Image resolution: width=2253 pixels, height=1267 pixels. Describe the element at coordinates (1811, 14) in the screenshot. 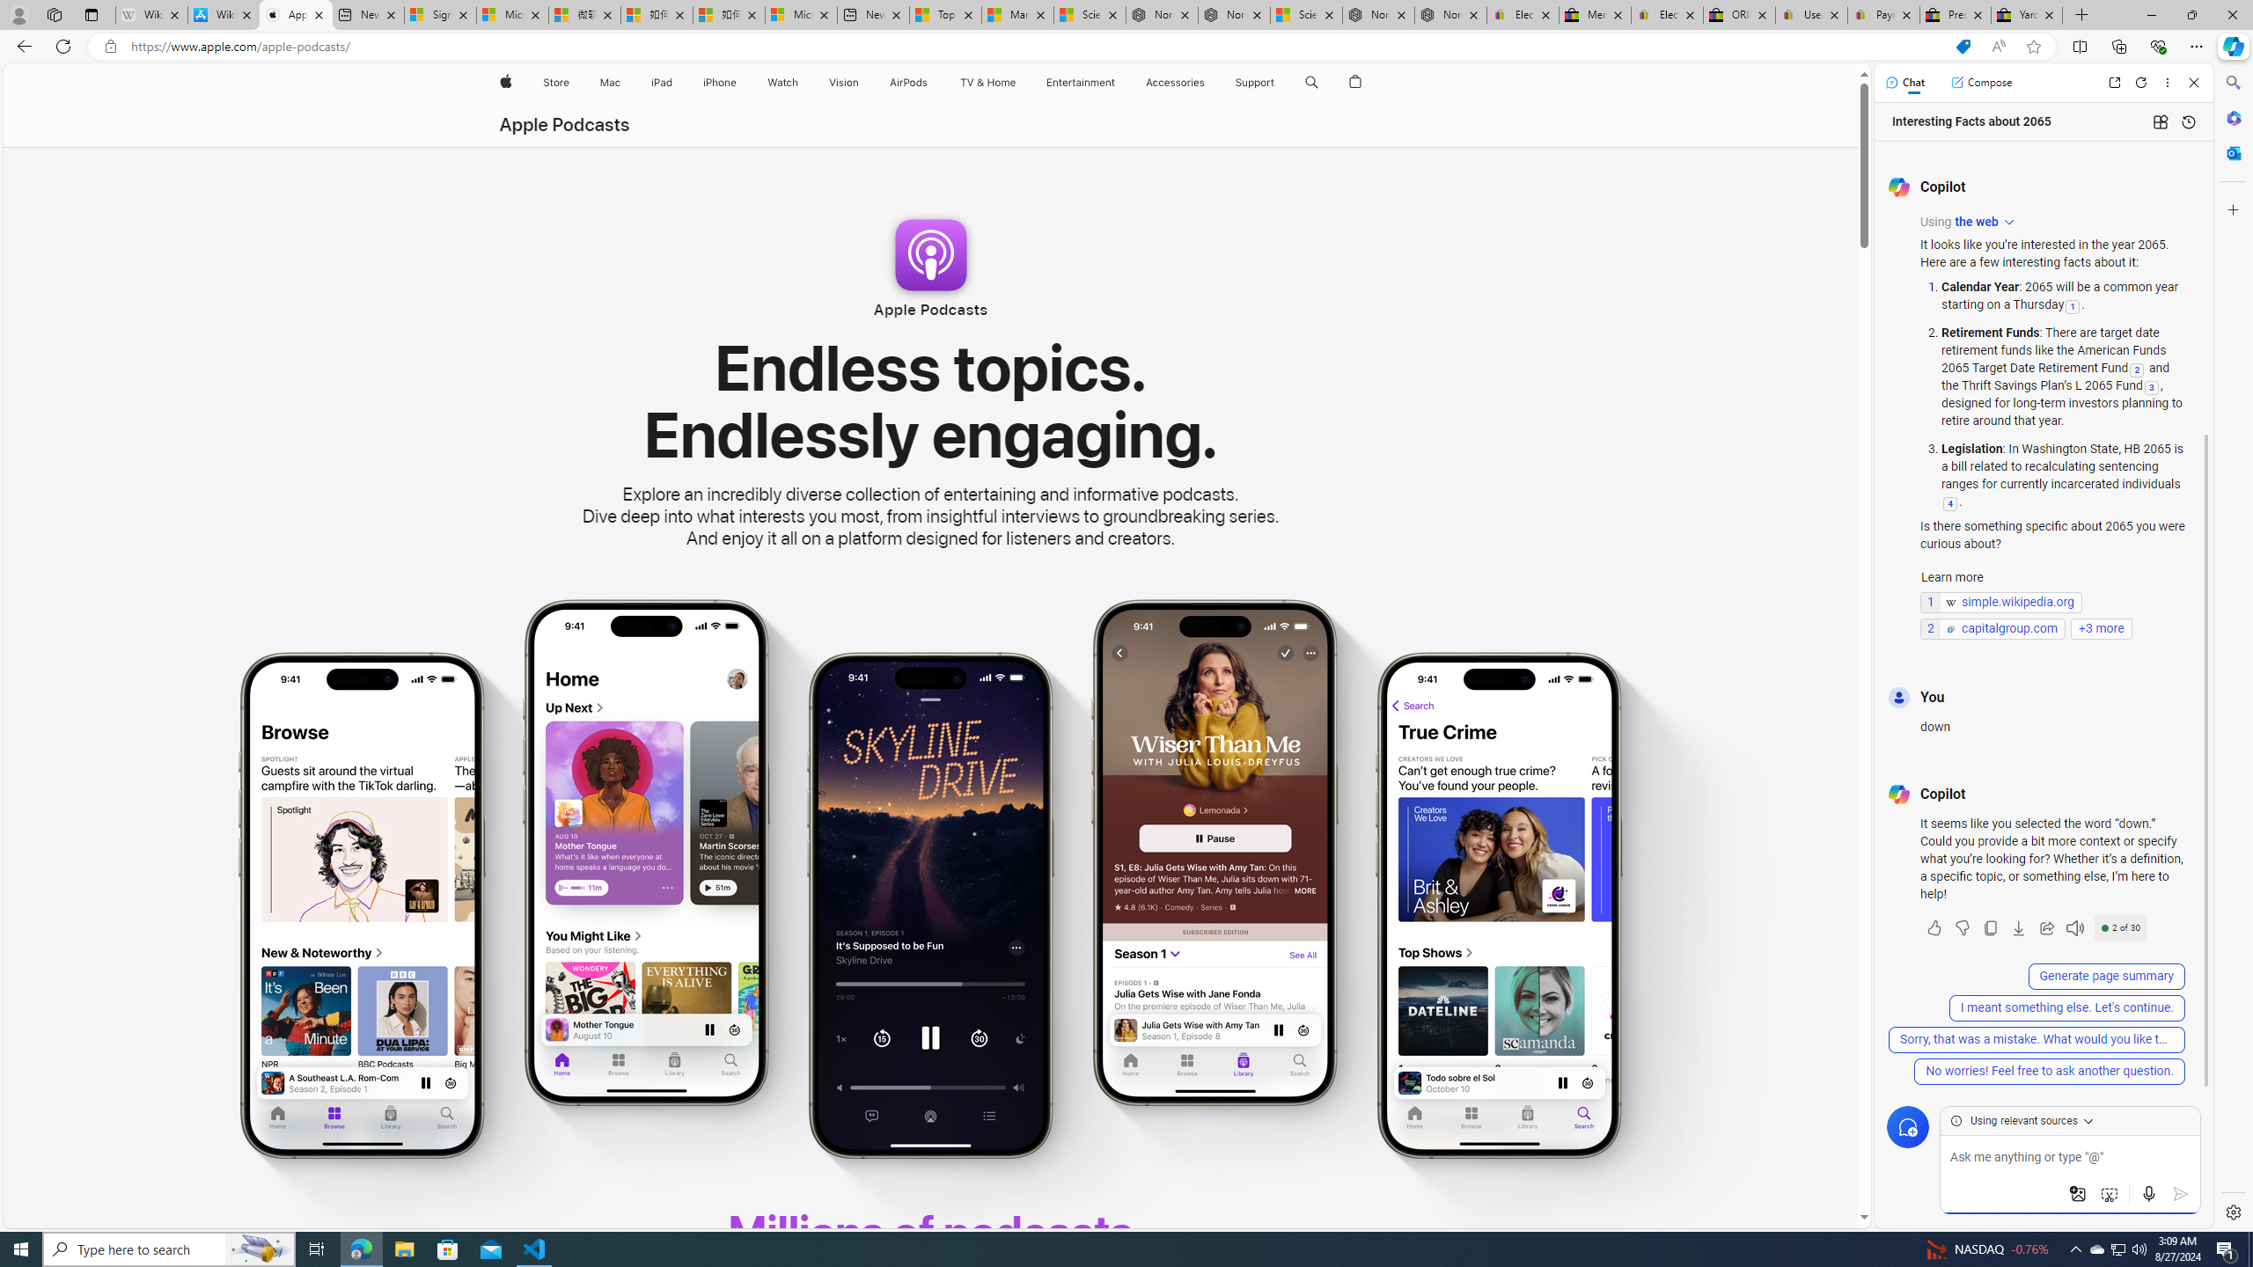

I see `'User Privacy Notice | eBay'` at that location.